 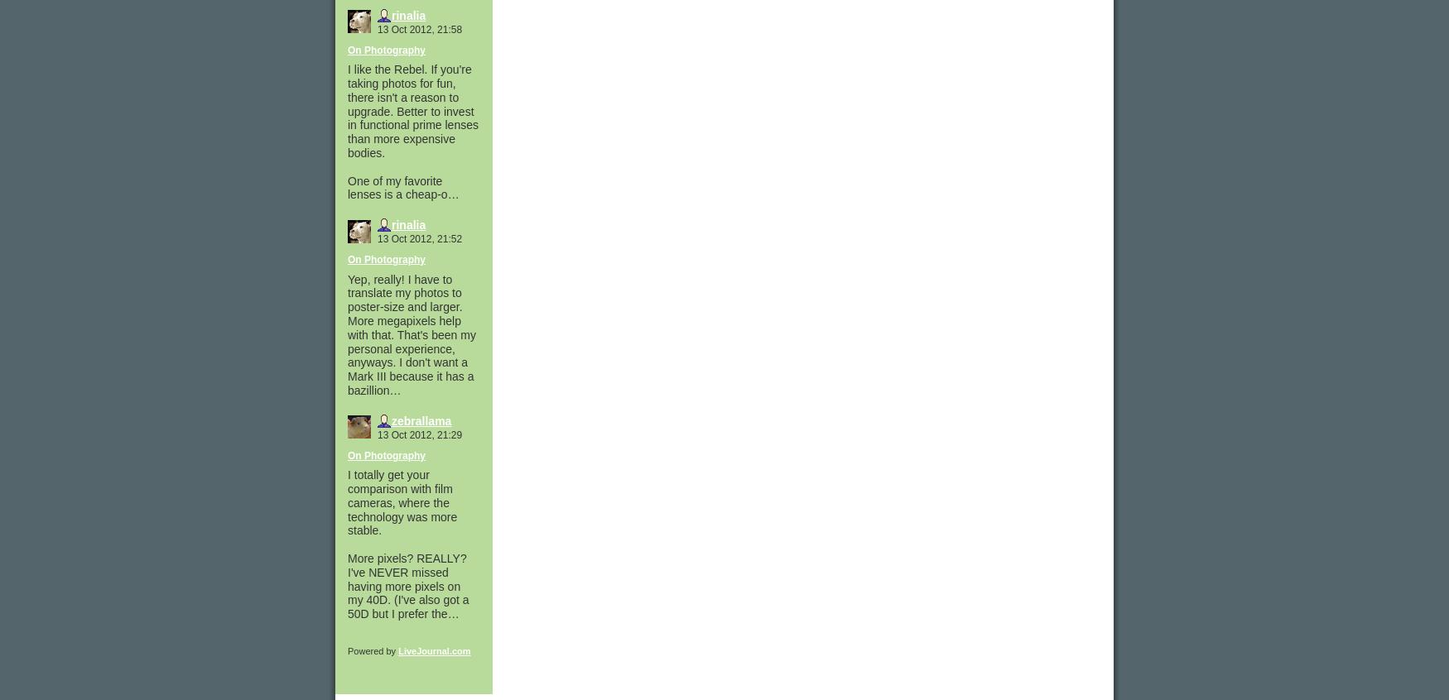 What do you see at coordinates (347, 187) in the screenshot?
I see `'One of my favorite lenses is a cheap-o…'` at bounding box center [347, 187].